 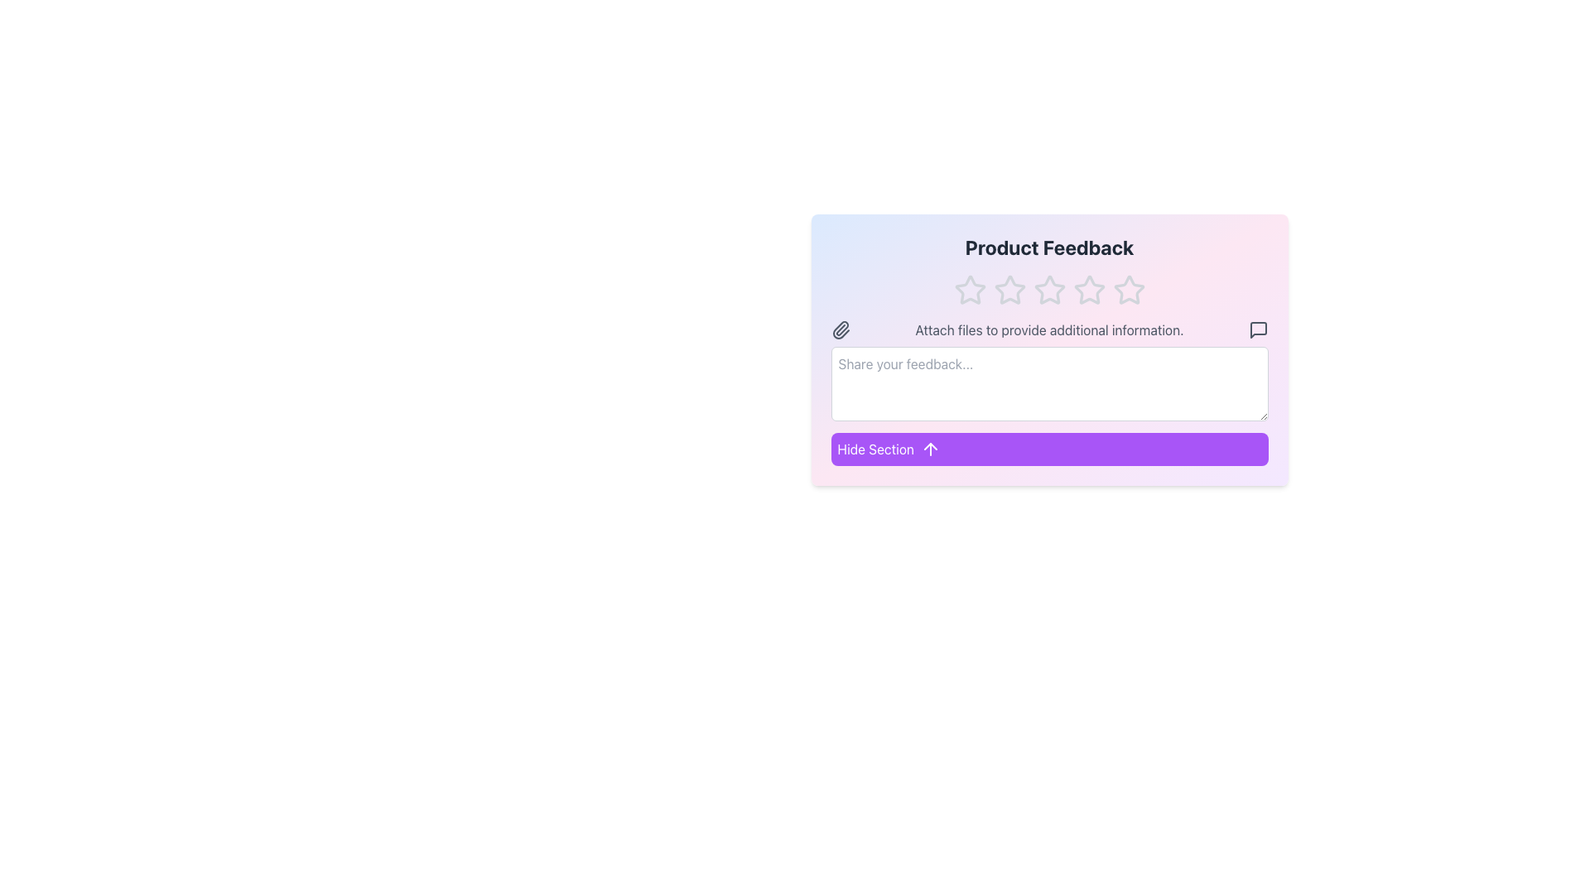 I want to click on the fifth star button in the five-point rating system to provide a five-star rating, so click(x=1128, y=289).